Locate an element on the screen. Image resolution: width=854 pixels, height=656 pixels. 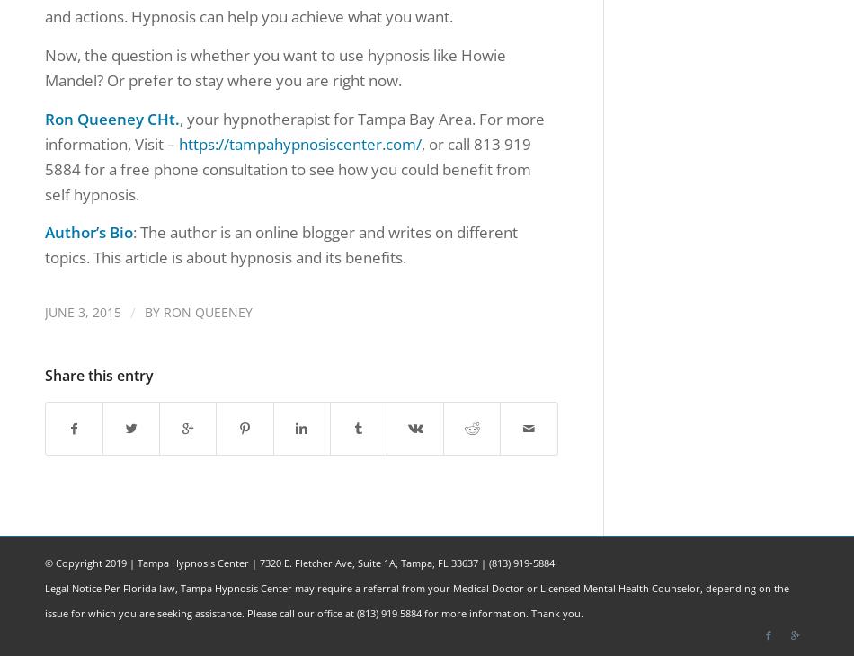
'https://tampahypnosiscenter.com/' is located at coordinates (299, 142).